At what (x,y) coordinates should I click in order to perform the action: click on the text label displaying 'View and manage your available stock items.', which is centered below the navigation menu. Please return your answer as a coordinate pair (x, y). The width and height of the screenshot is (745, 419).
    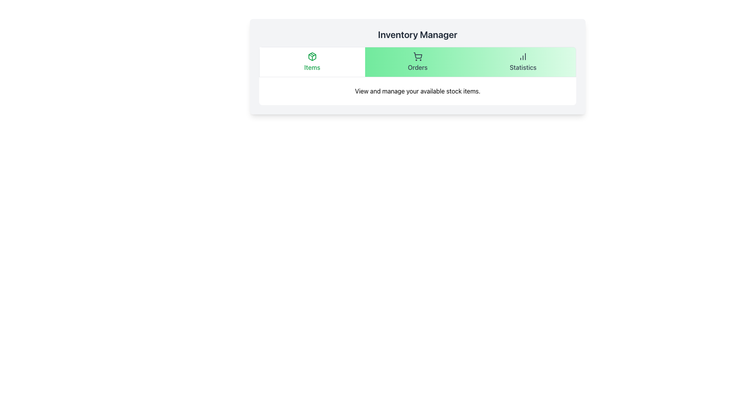
    Looking at the image, I should click on (417, 91).